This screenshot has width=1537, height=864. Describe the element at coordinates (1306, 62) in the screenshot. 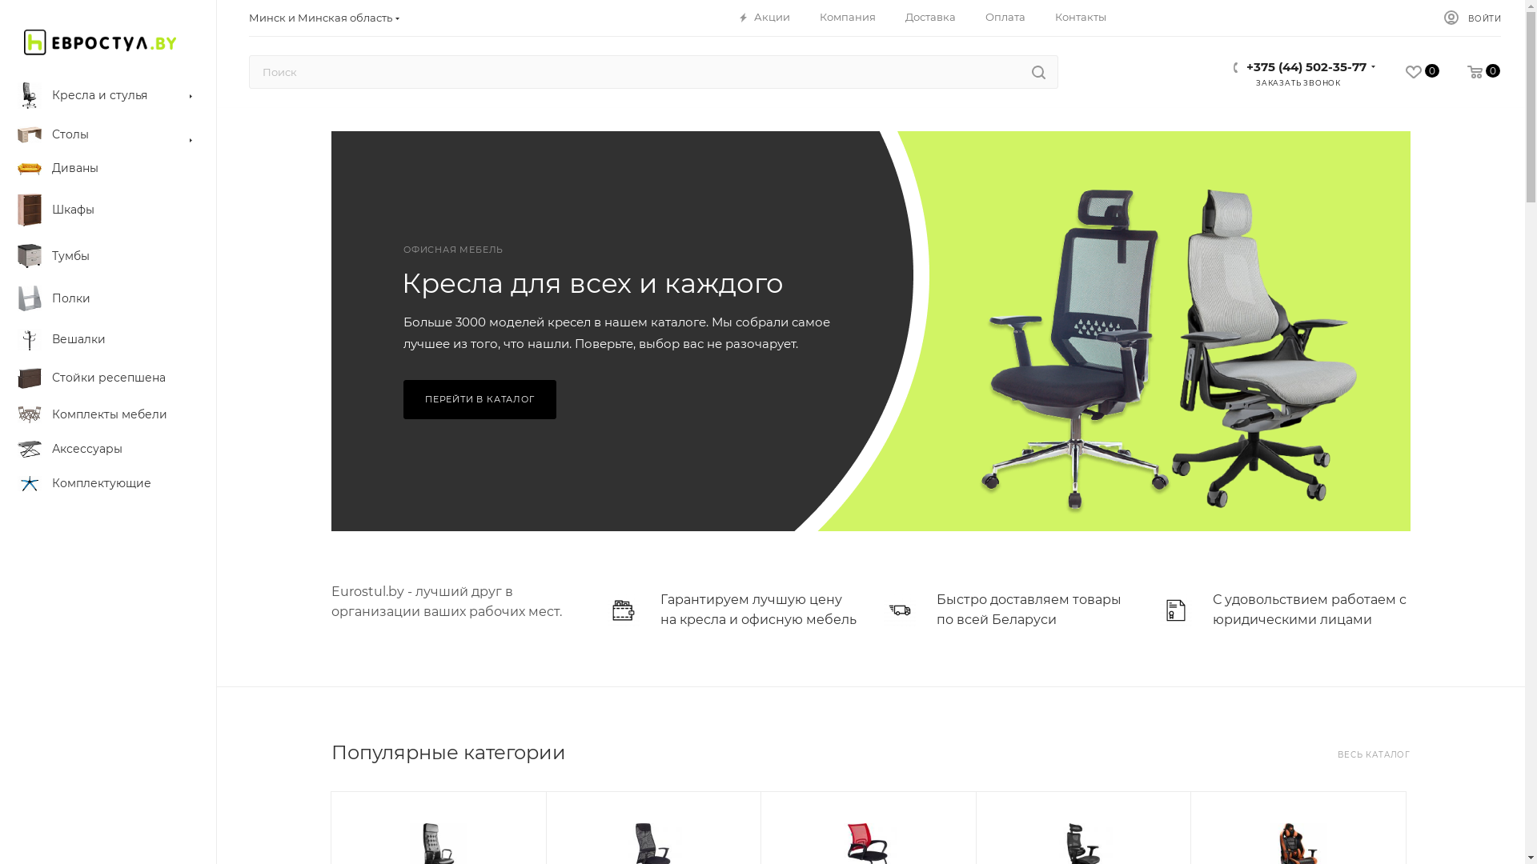

I see `'+375 (44) 502-35-77'` at that location.